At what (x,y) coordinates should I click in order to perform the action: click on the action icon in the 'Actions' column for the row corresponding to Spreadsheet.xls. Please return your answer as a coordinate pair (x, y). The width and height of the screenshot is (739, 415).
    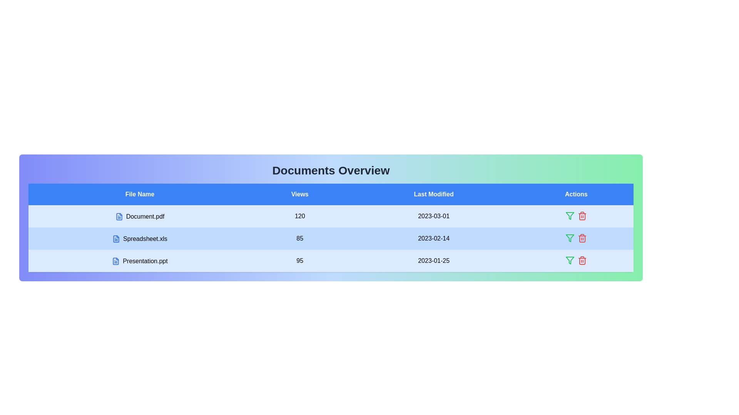
    Looking at the image, I should click on (570, 238).